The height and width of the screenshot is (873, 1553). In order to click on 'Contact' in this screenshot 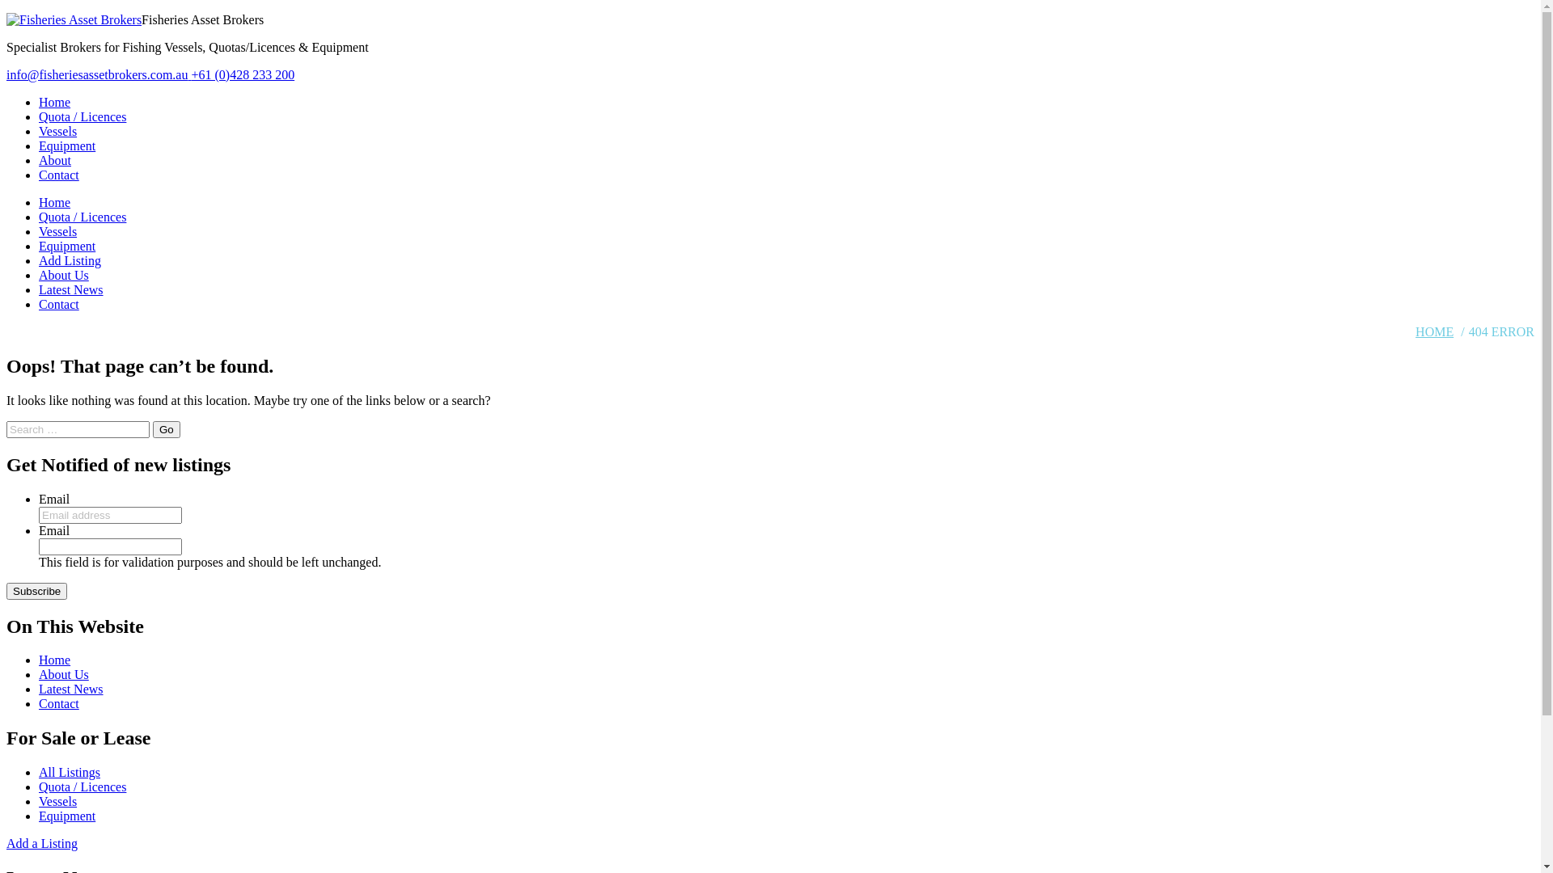, I will do `click(58, 175)`.